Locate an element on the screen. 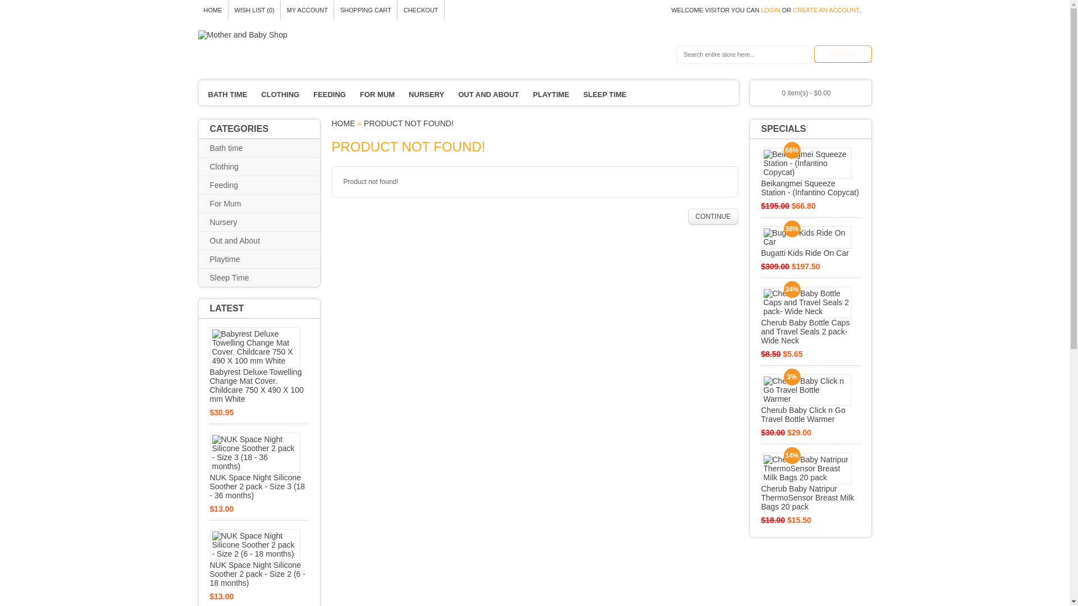  'CONTINUE' is located at coordinates (712, 216).